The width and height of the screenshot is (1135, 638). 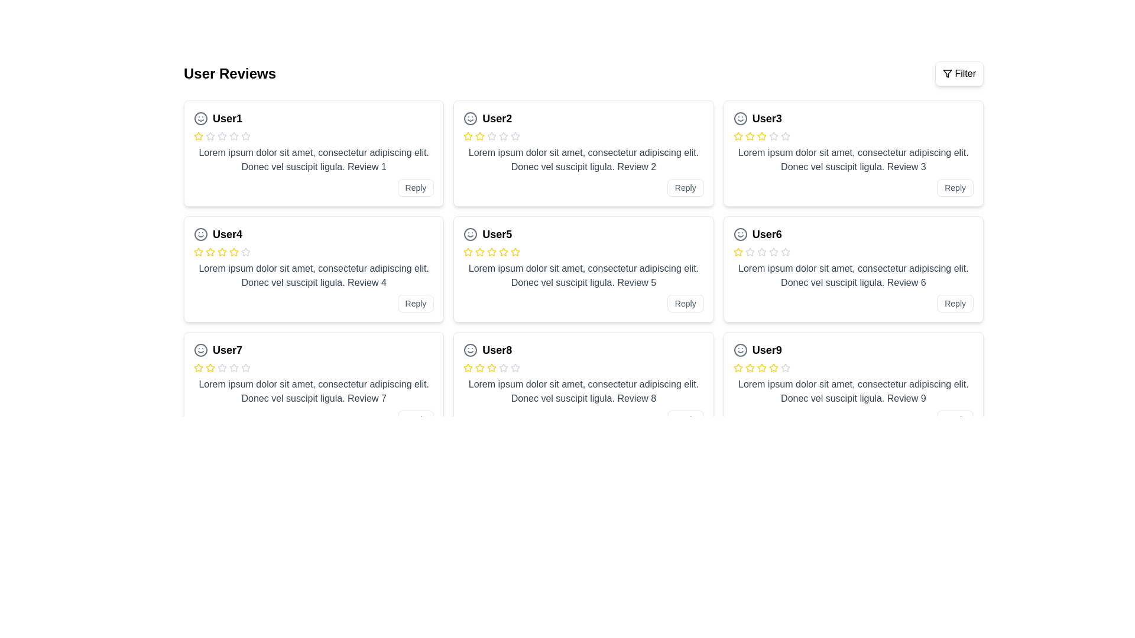 I want to click on the third star icon in the star rating row on the review card for 'User1' to indicate a rating level, so click(x=234, y=135).